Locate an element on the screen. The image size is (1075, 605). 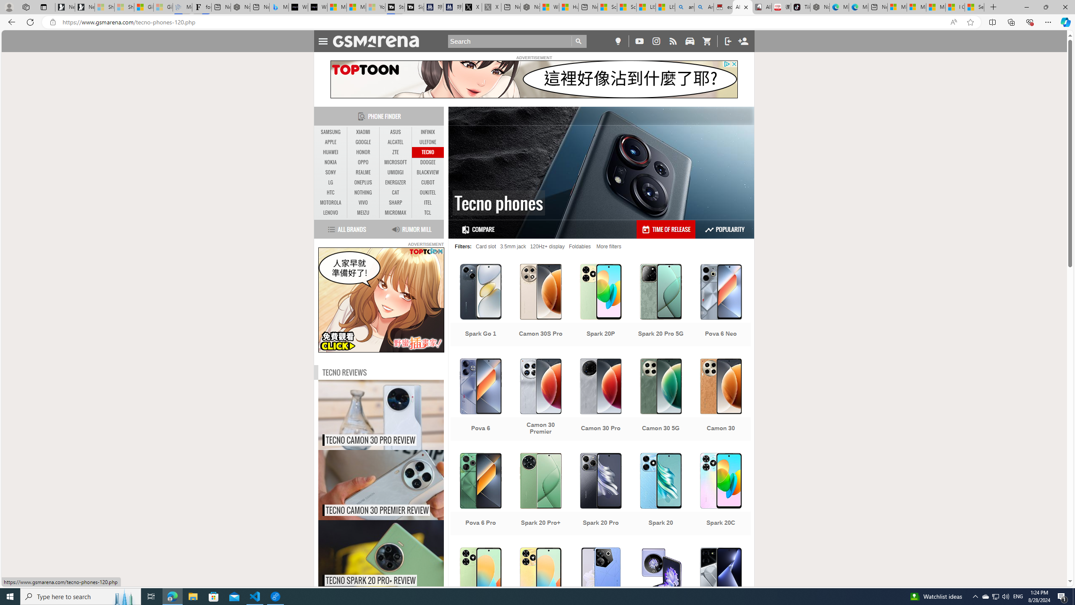
'Settings and more (Alt+F)' is located at coordinates (1048, 21).